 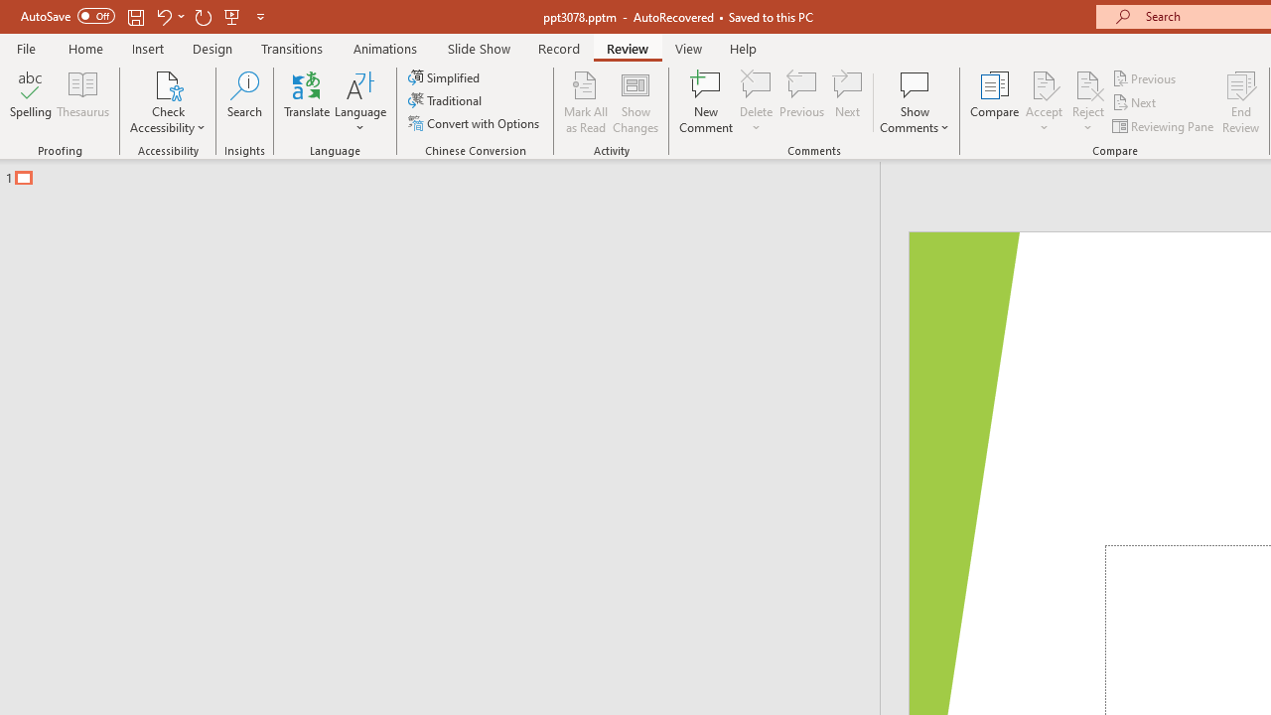 What do you see at coordinates (81, 102) in the screenshot?
I see `'Thesaurus...'` at bounding box center [81, 102].